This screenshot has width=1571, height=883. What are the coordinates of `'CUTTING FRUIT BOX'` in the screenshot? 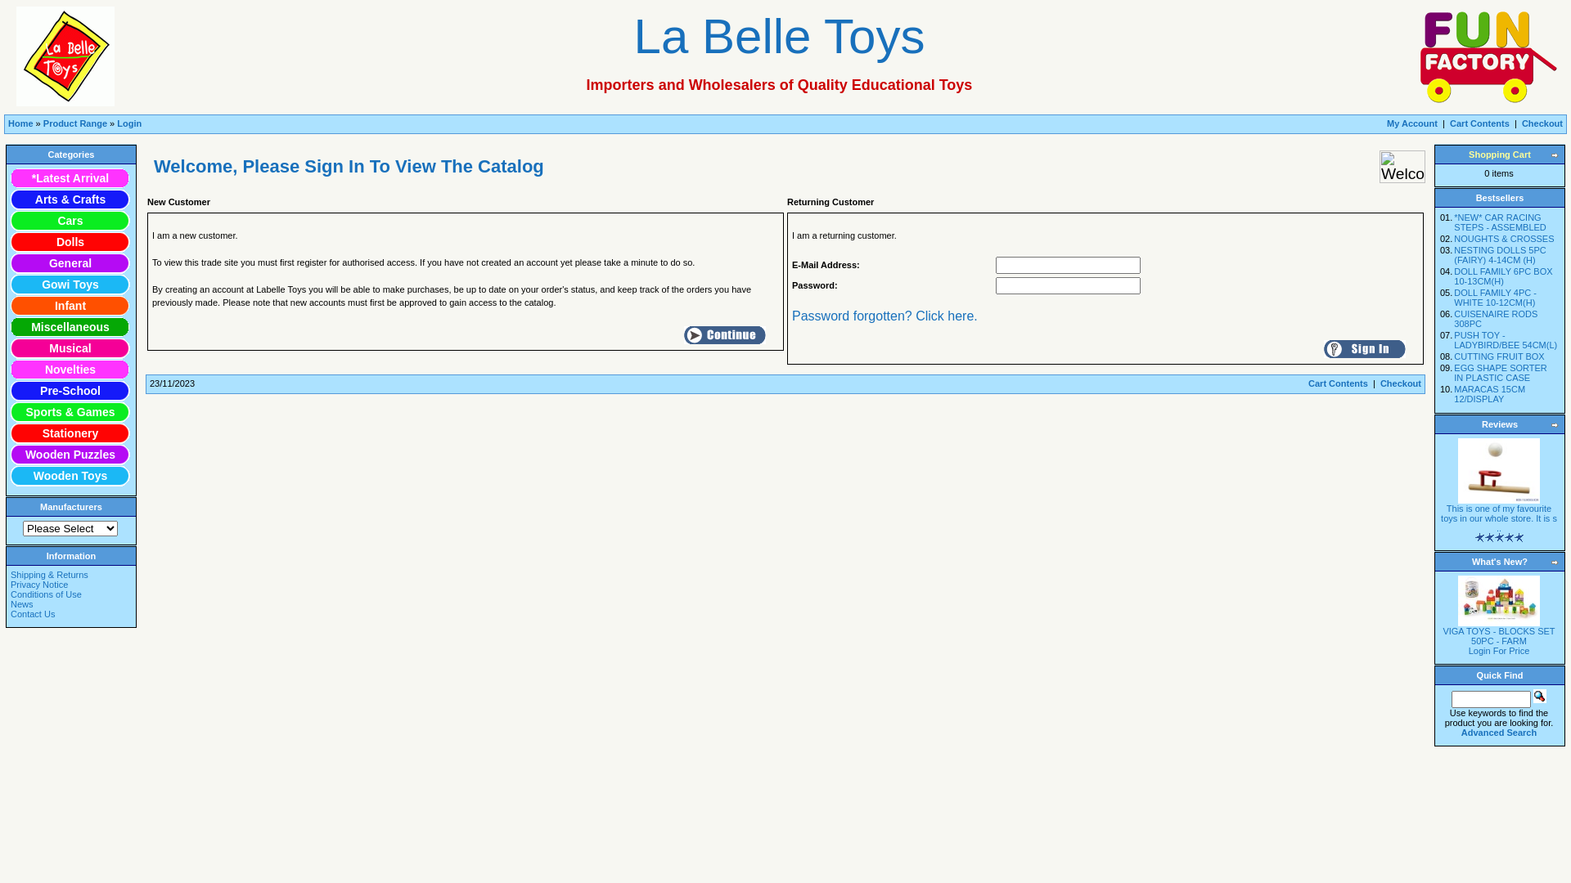 It's located at (1499, 355).